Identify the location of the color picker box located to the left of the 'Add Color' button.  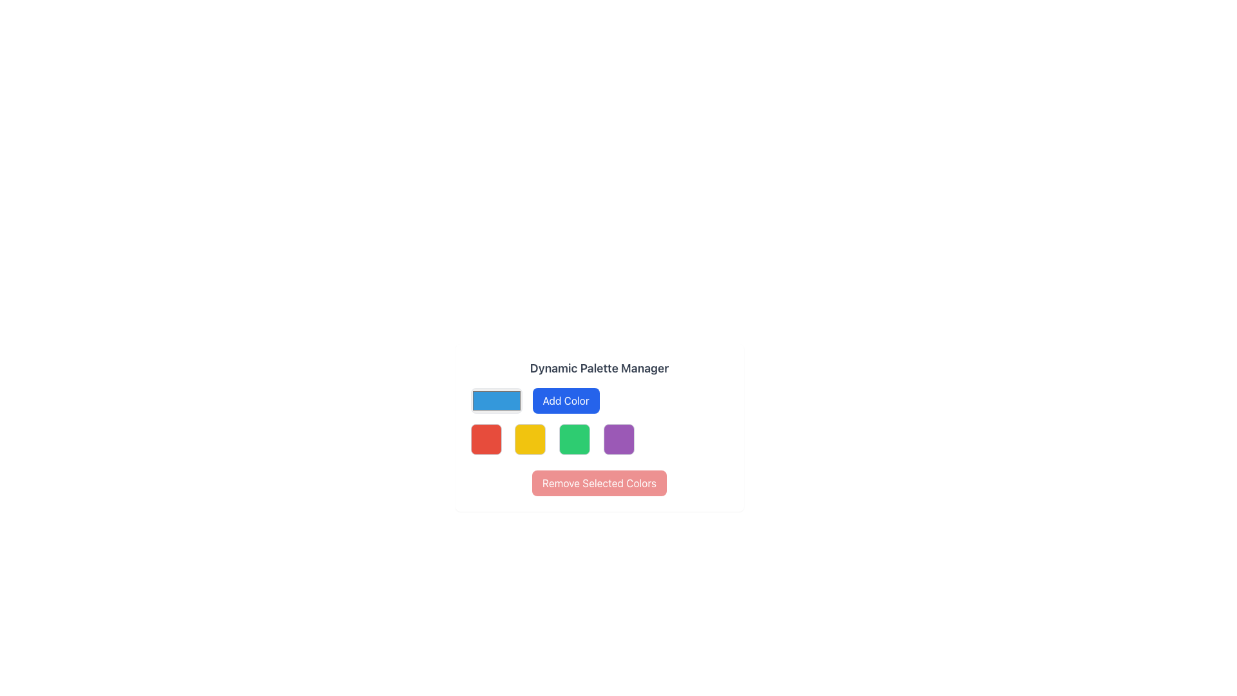
(495, 400).